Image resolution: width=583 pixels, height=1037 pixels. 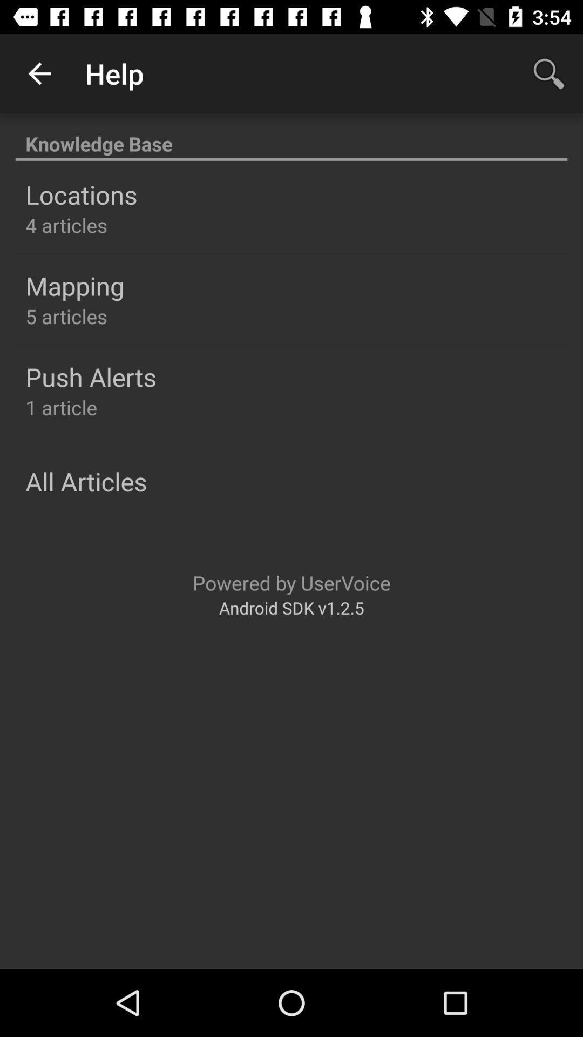 I want to click on knowledge base, so click(x=291, y=137).